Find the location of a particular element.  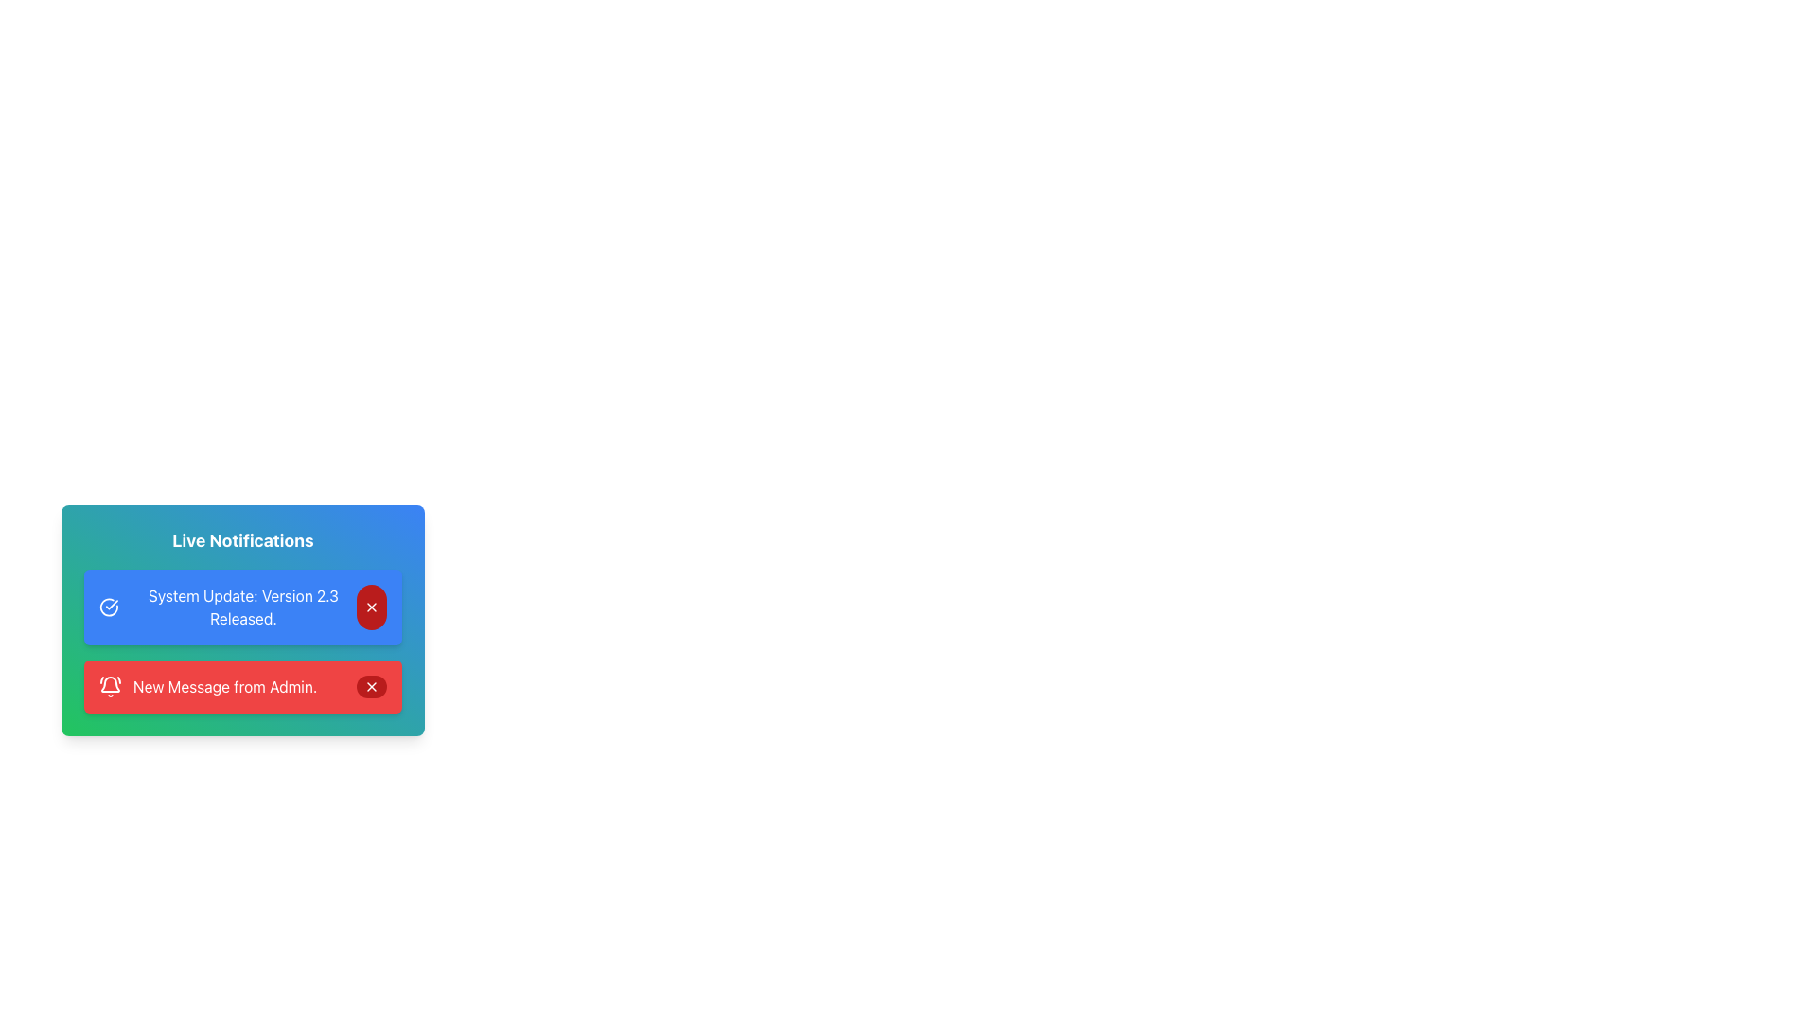

the first Informational Text Block in the 'Live Notifications' section that displays system update details is located at coordinates (242, 641).